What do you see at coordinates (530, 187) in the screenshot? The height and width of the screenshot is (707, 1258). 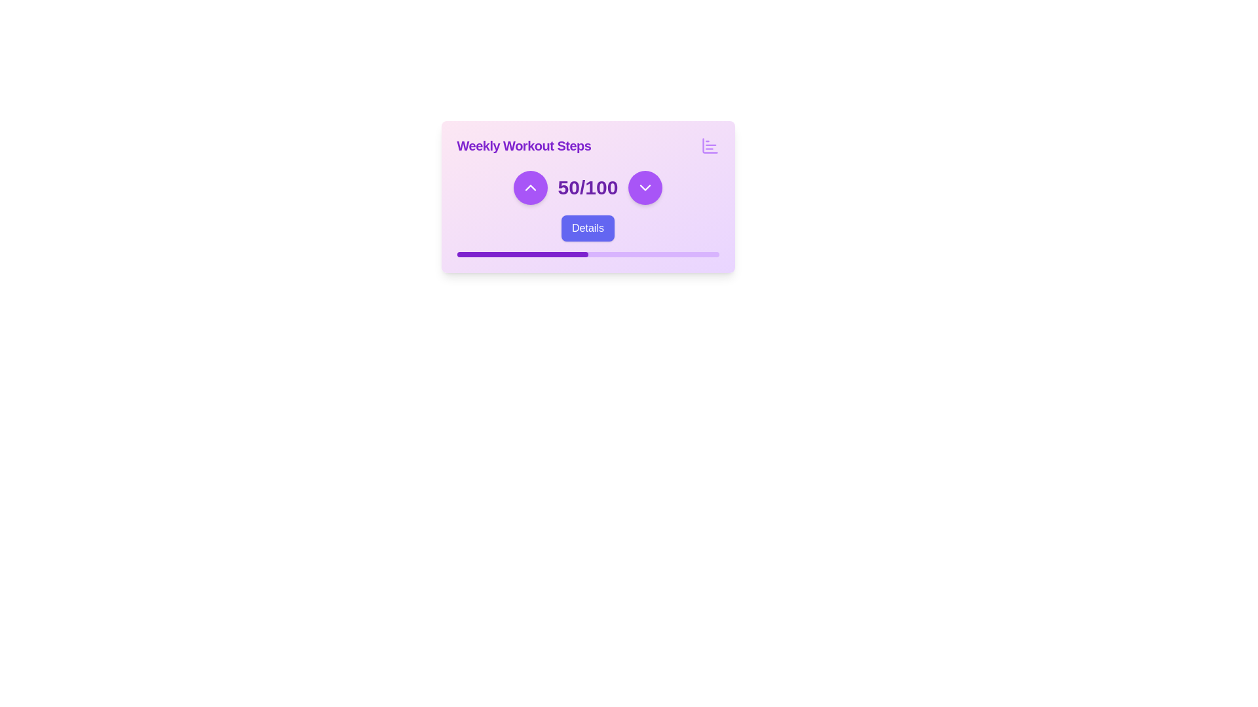 I see `the circular button with a purple background and a white upward-facing chevron icon` at bounding box center [530, 187].